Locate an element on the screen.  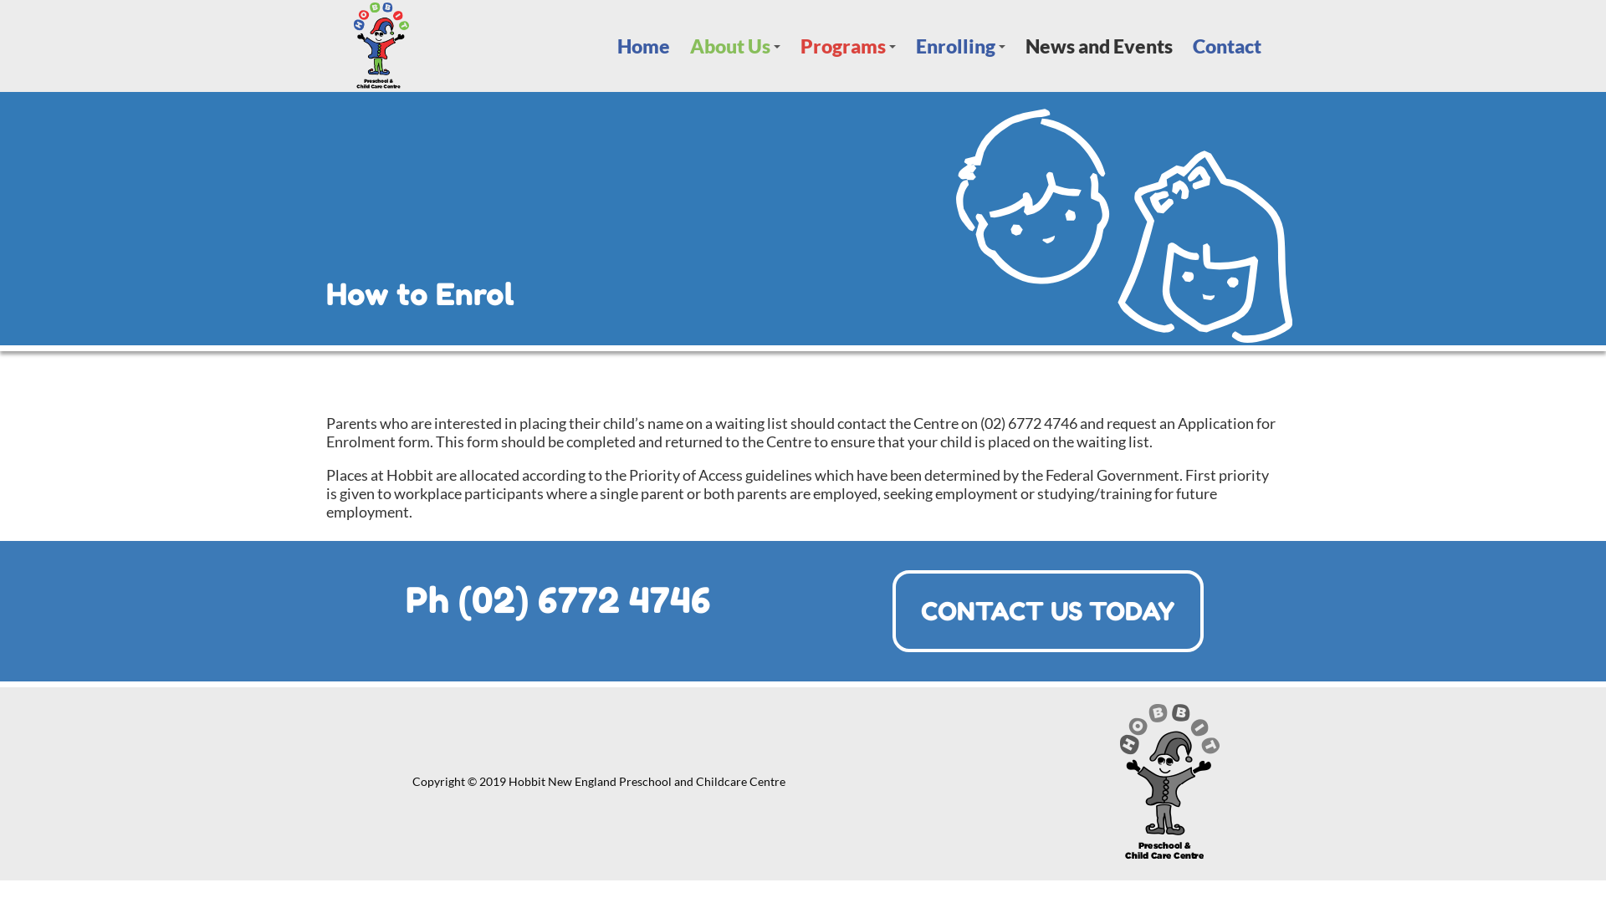
'+ is located at coordinates (734, 45).